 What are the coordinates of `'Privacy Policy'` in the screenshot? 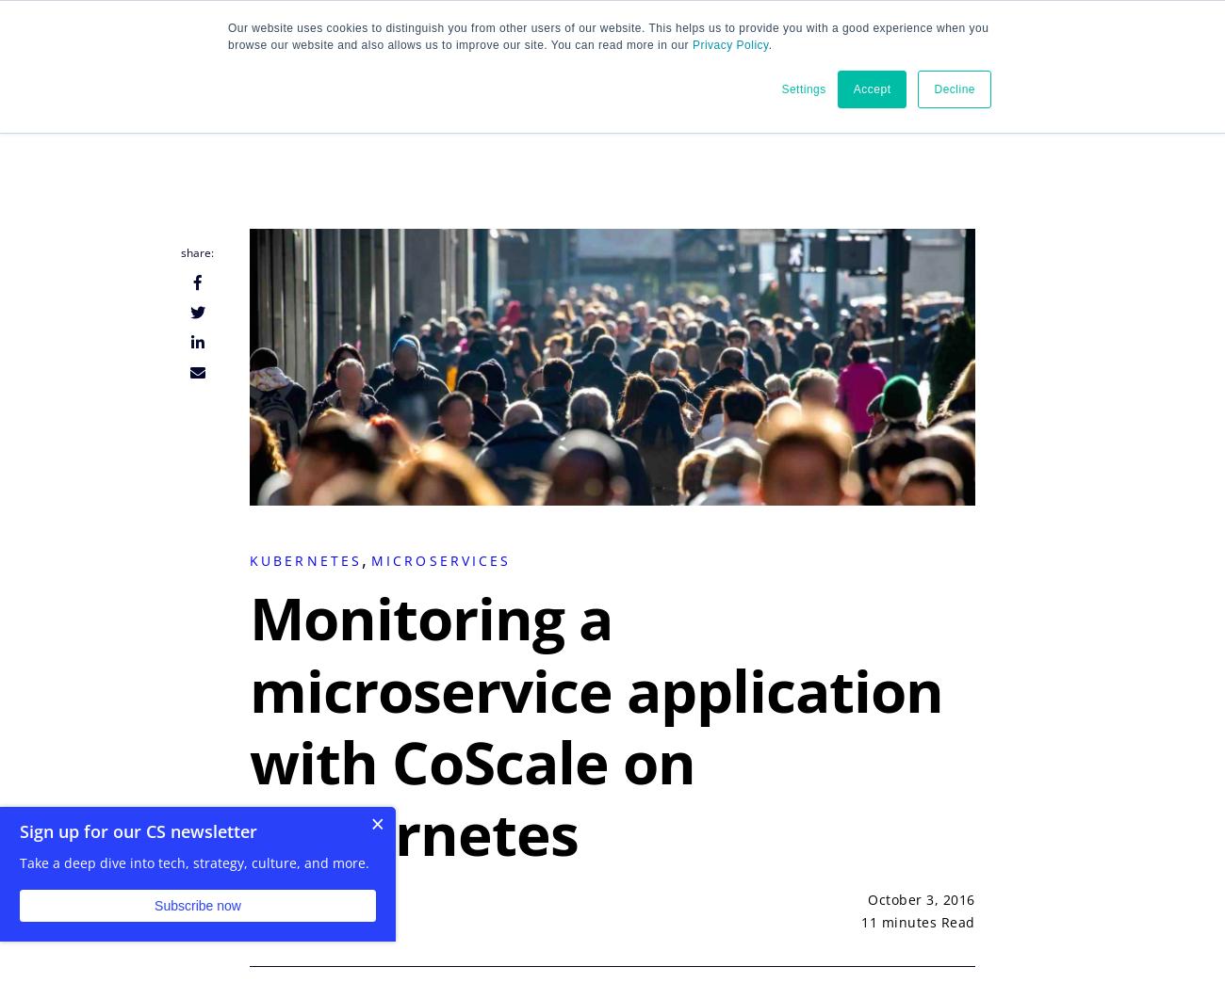 It's located at (728, 44).